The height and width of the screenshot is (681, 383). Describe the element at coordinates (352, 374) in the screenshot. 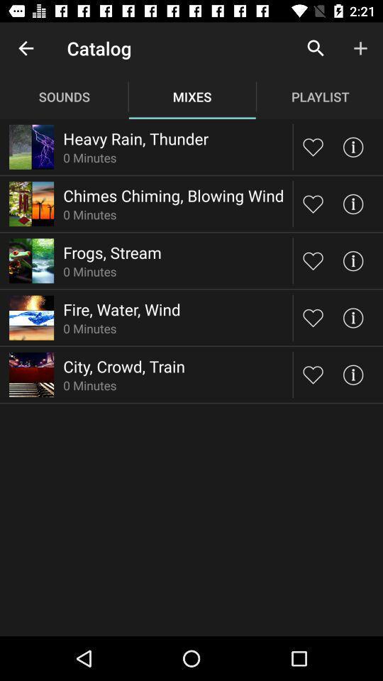

I see `more information` at that location.